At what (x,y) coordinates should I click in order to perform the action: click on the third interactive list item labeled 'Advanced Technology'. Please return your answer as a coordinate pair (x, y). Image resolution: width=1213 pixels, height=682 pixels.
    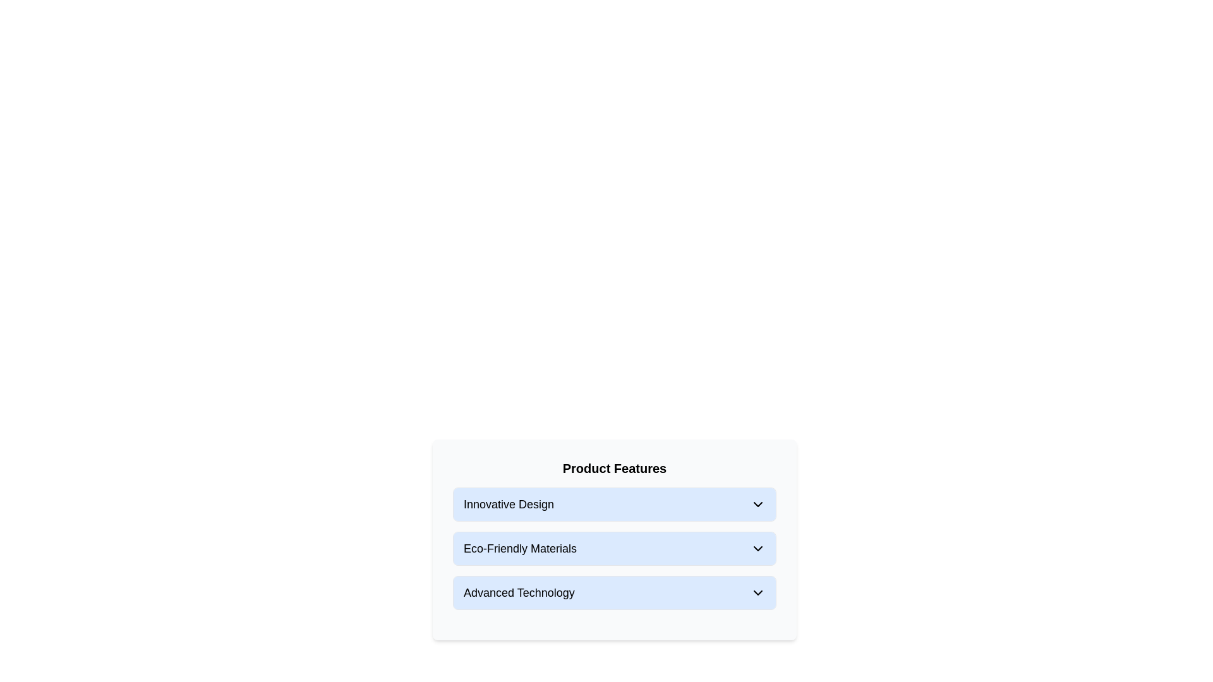
    Looking at the image, I should click on (615, 592).